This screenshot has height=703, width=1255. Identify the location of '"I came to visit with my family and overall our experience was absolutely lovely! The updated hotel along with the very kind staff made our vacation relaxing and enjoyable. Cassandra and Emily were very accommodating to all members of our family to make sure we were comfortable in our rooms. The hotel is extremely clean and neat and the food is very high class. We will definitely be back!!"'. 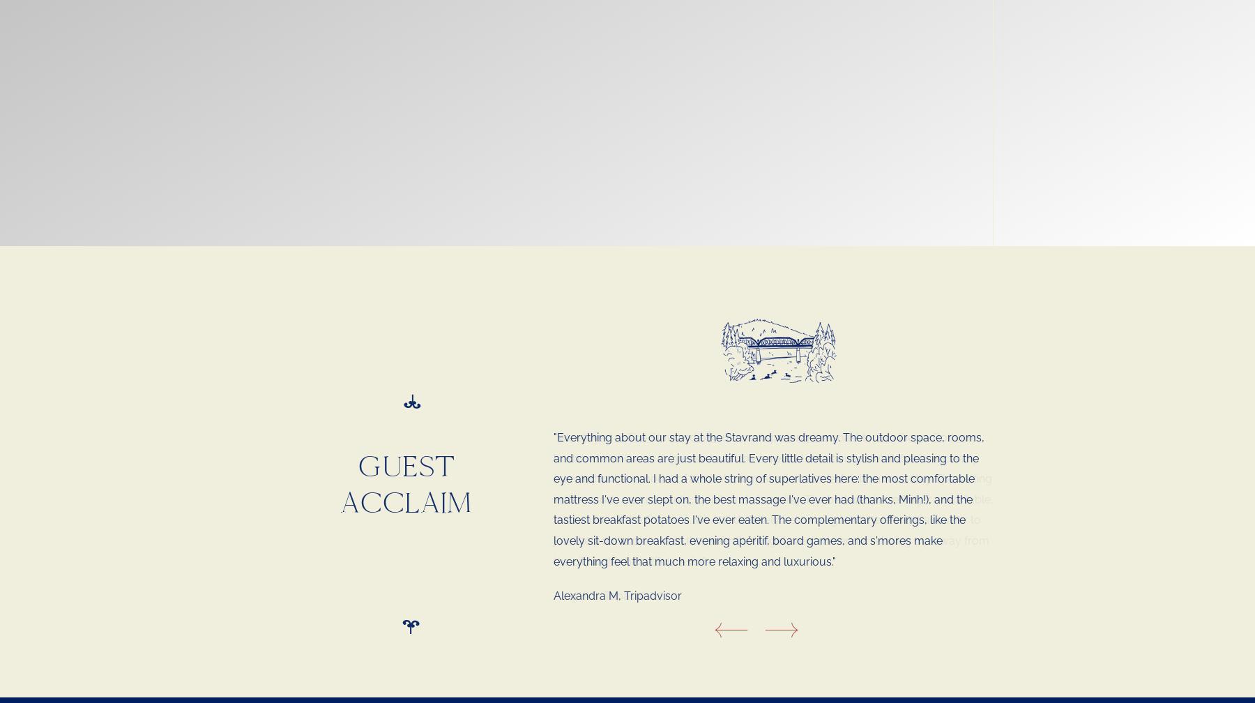
(775, 478).